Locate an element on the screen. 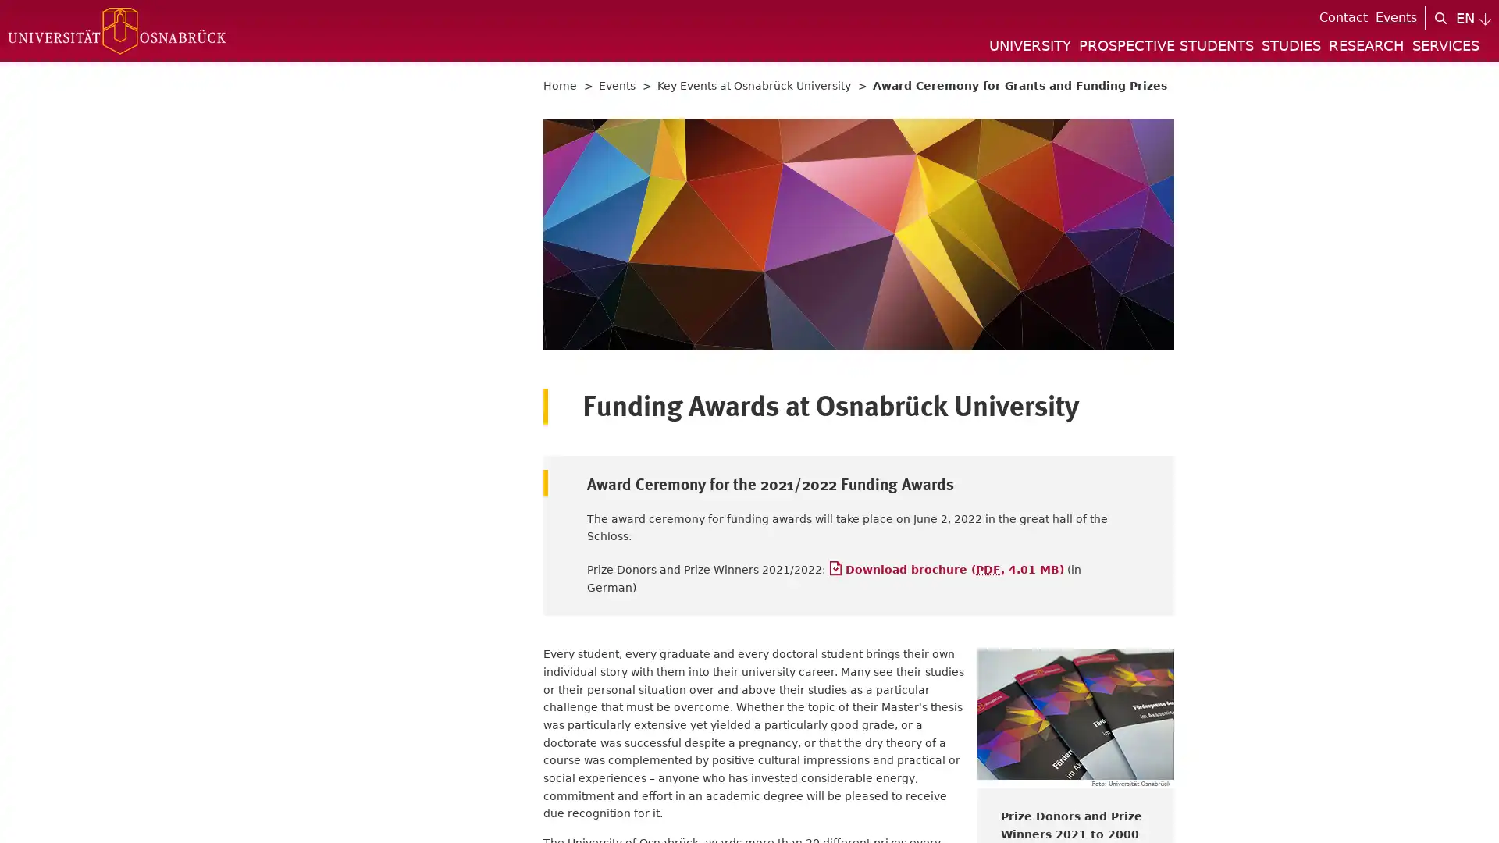 The height and width of the screenshot is (843, 1499). search icon is located at coordinates (1439, 18).